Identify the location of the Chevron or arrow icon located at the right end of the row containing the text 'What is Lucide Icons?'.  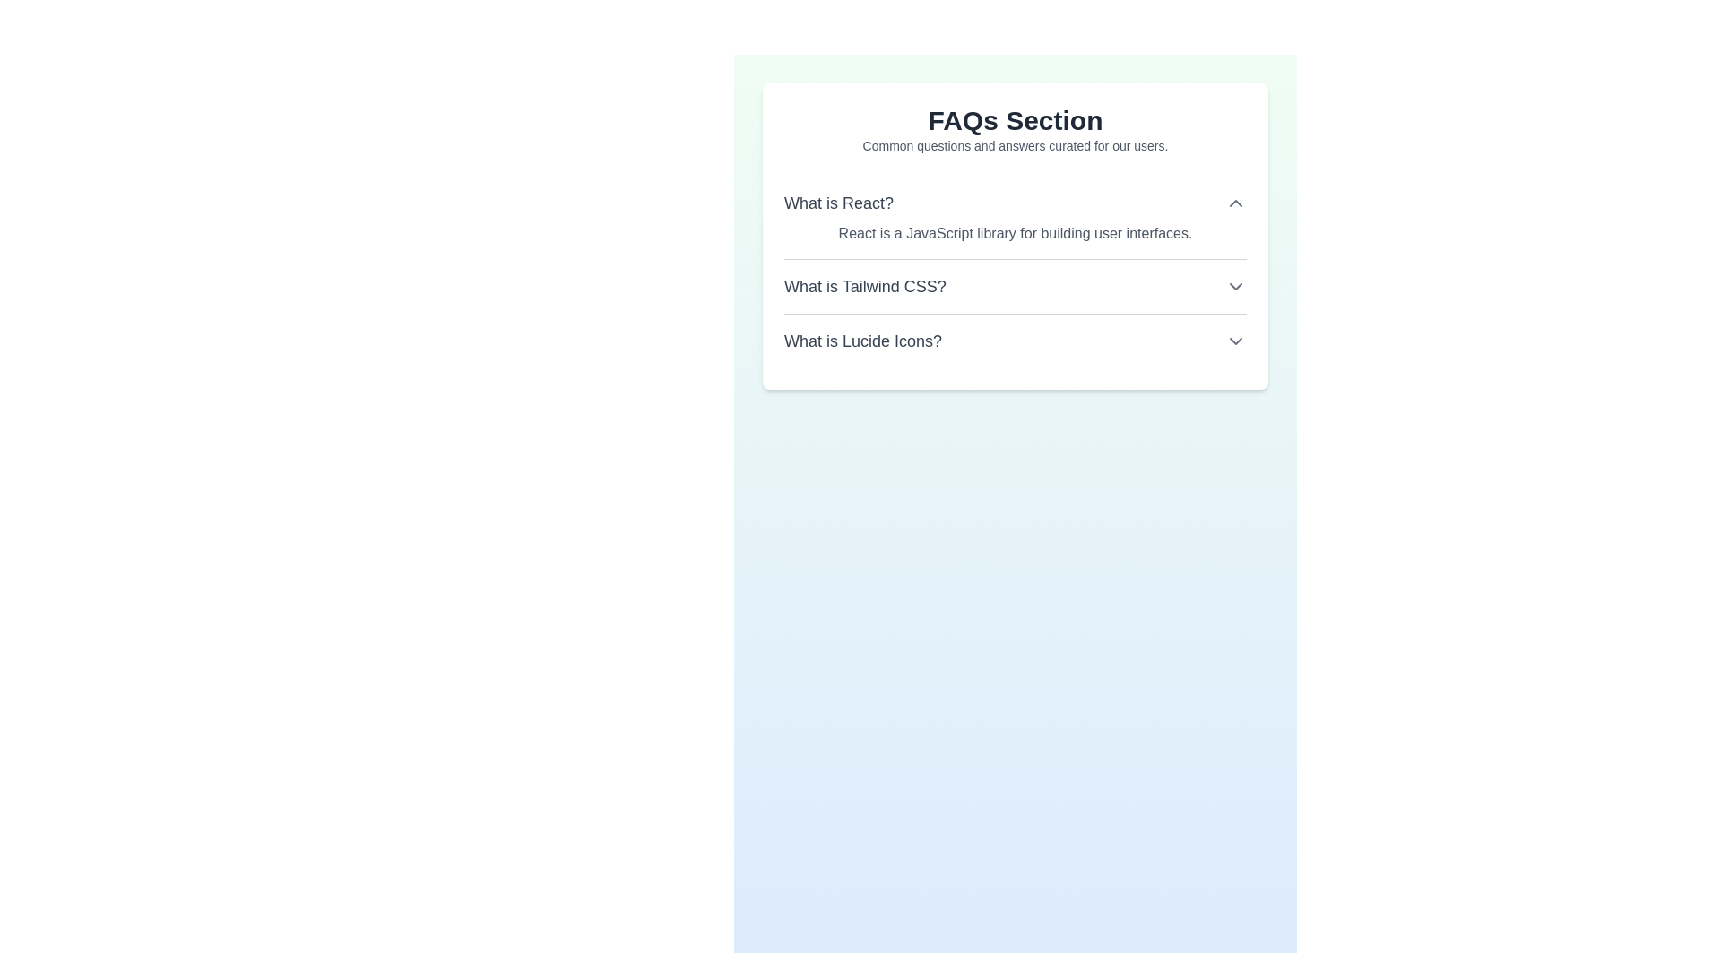
(1234, 341).